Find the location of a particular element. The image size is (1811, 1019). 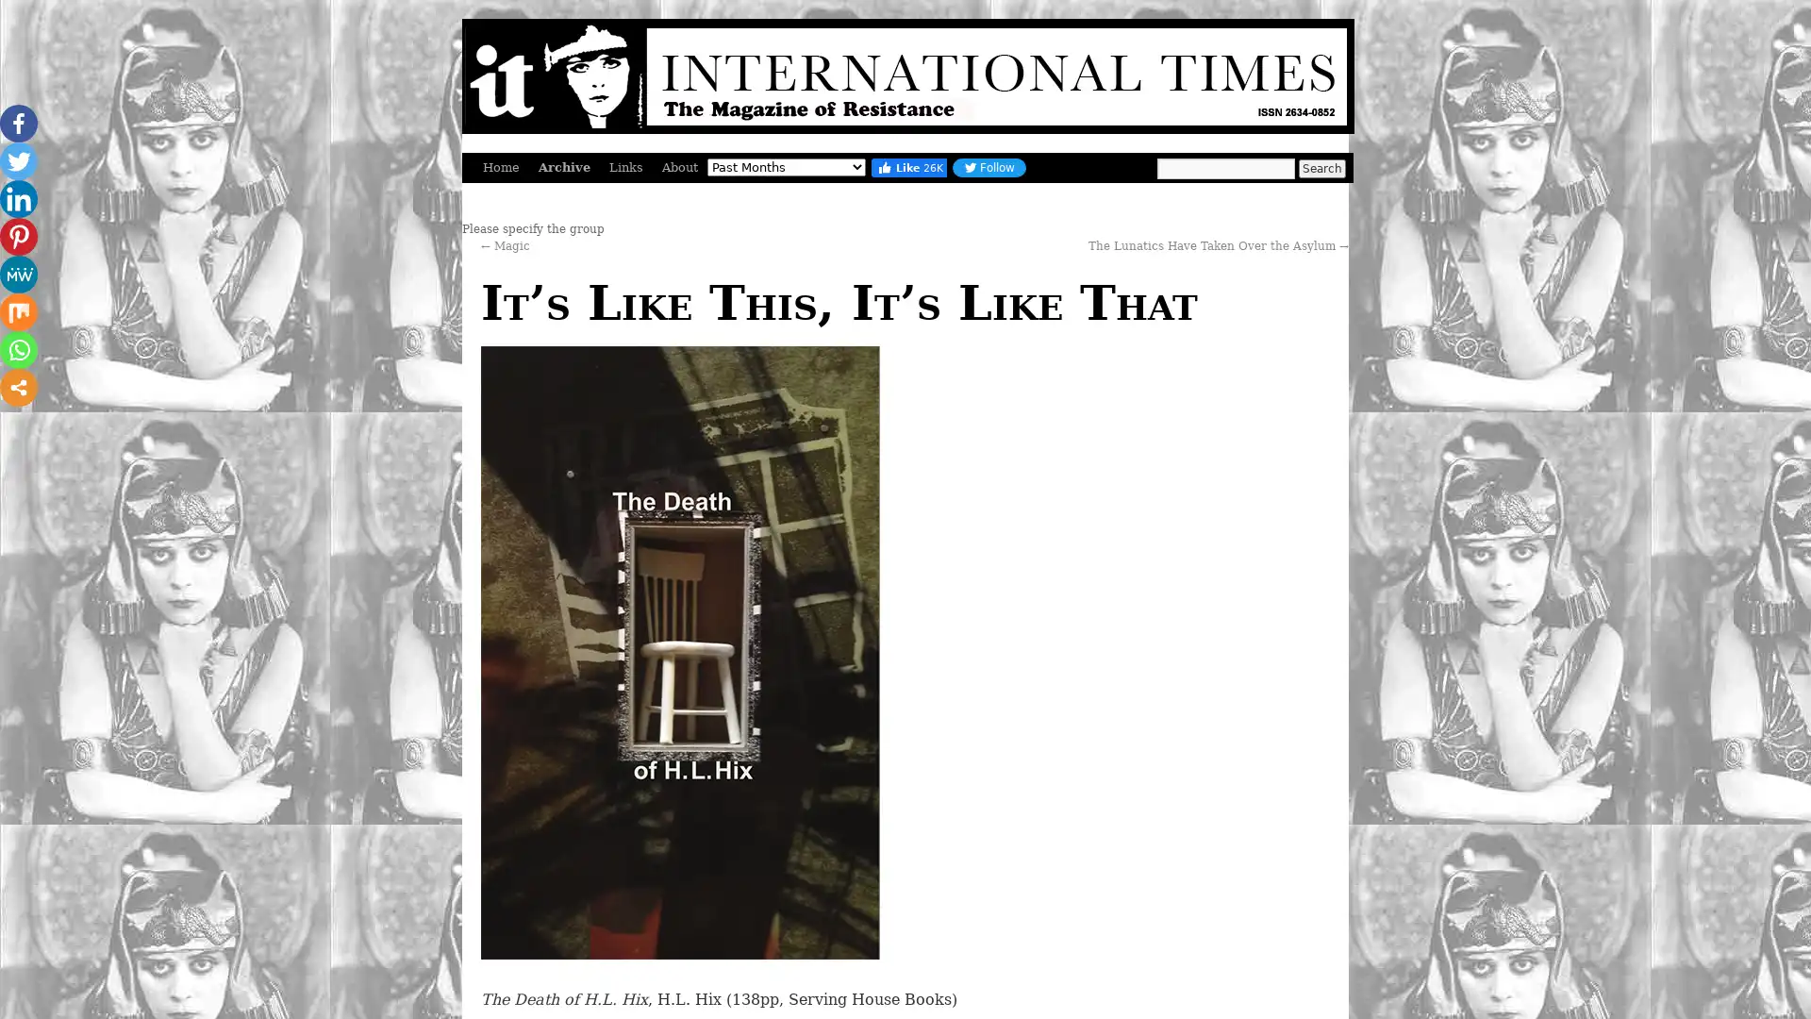

Search is located at coordinates (1321, 167).